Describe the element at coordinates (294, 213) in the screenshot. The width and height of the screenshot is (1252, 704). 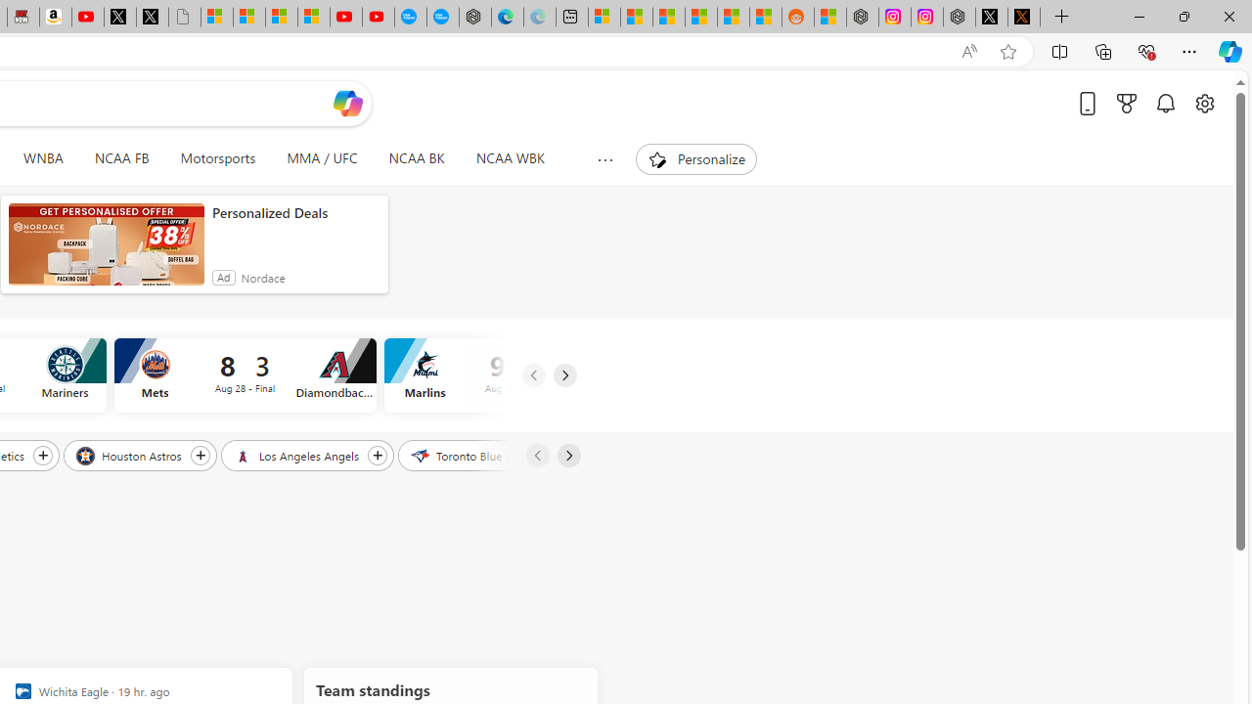
I see `'Personalized Deals'` at that location.